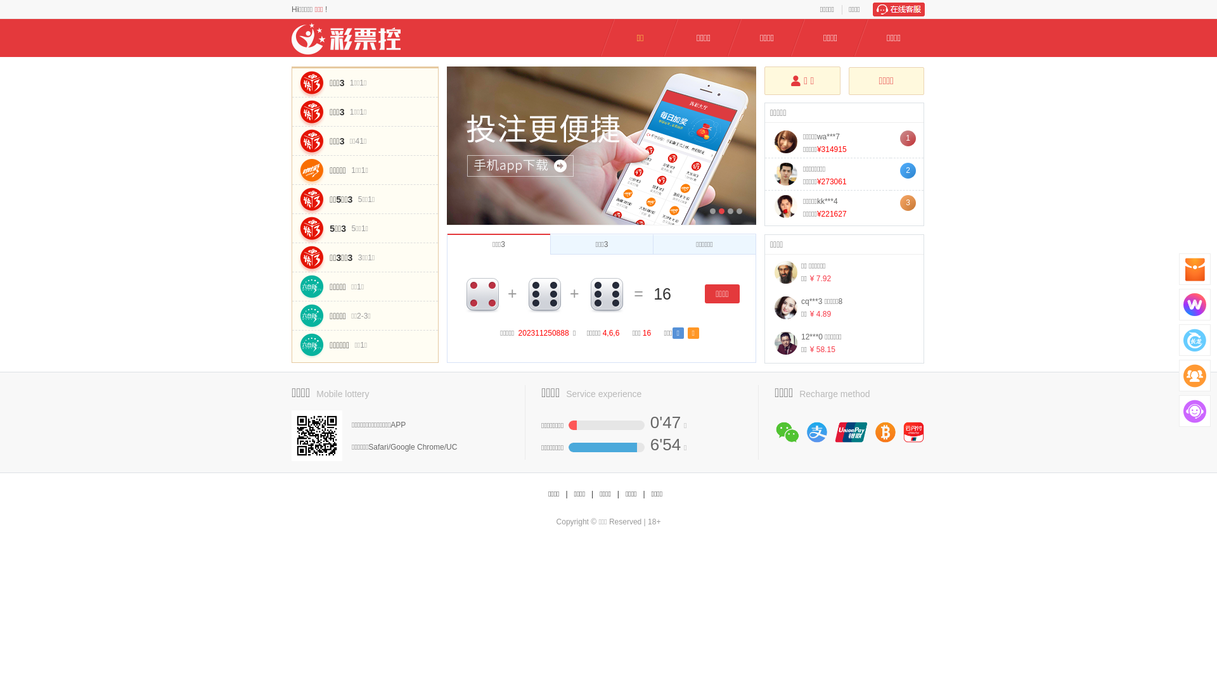 The image size is (1217, 684). What do you see at coordinates (618, 493) in the screenshot?
I see `'|'` at bounding box center [618, 493].